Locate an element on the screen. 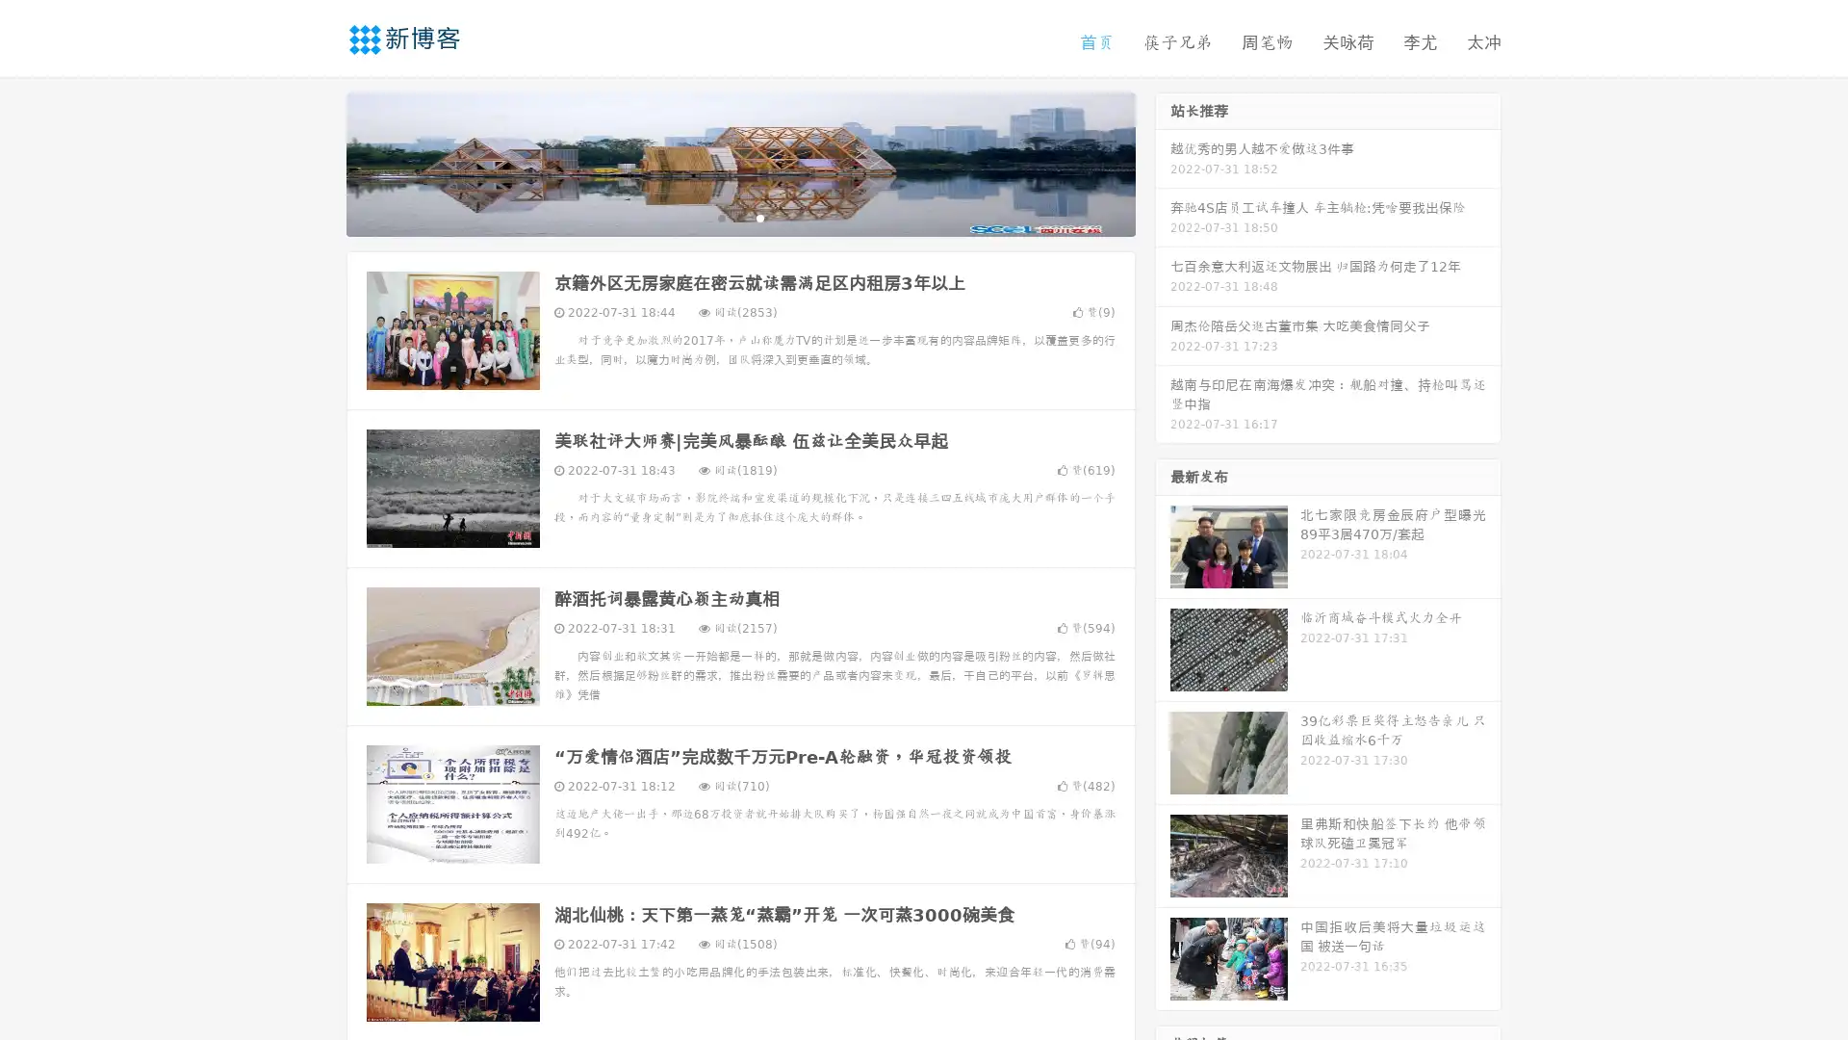  Next slide is located at coordinates (1163, 162).